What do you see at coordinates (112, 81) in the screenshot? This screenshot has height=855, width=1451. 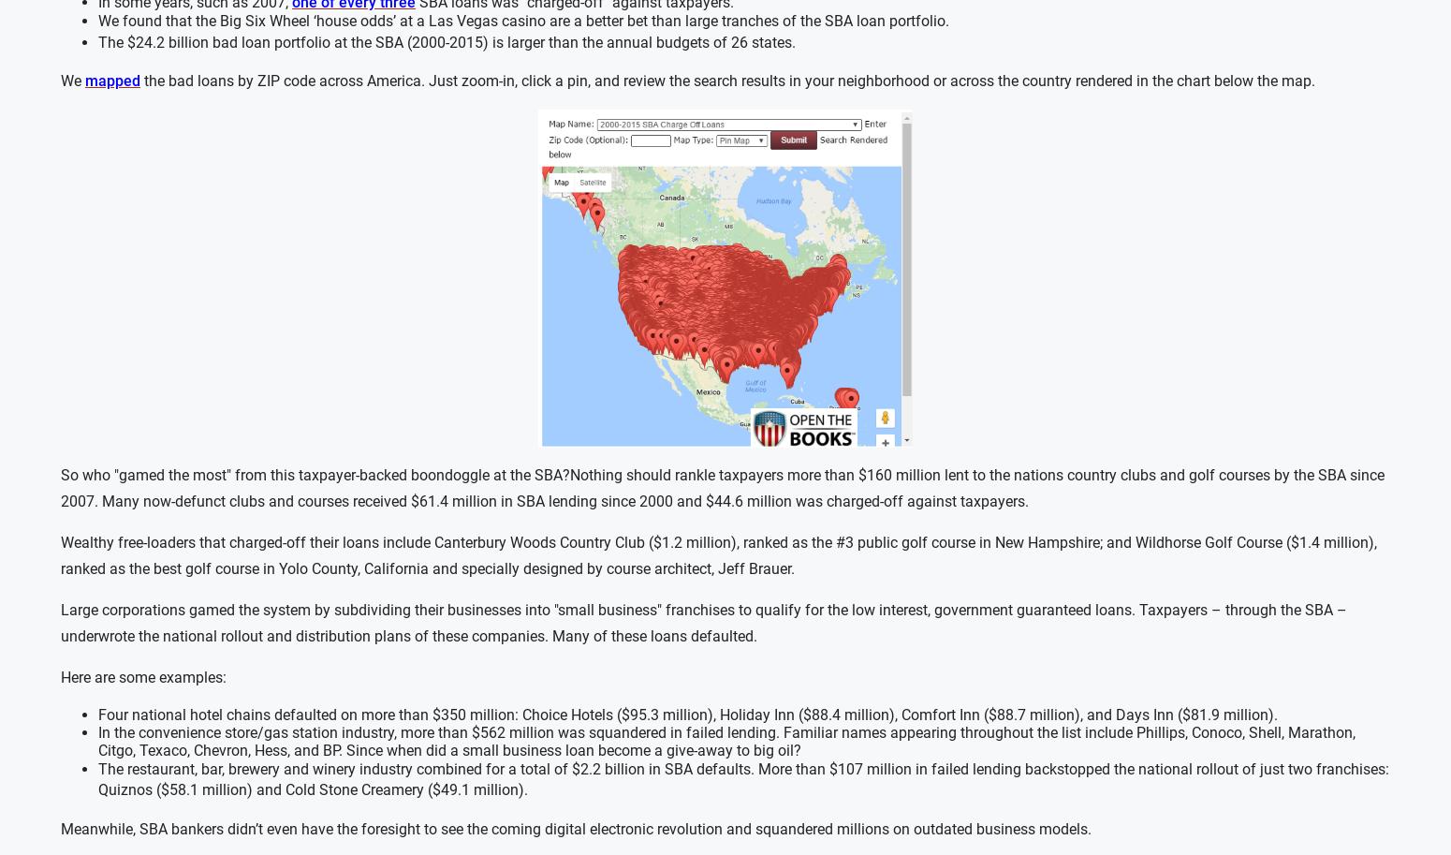 I see `'mapped'` at bounding box center [112, 81].